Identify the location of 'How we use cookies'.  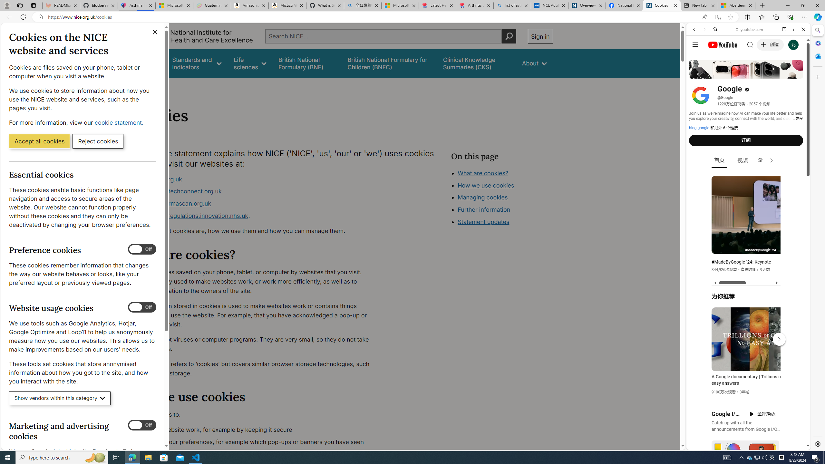
(486, 185).